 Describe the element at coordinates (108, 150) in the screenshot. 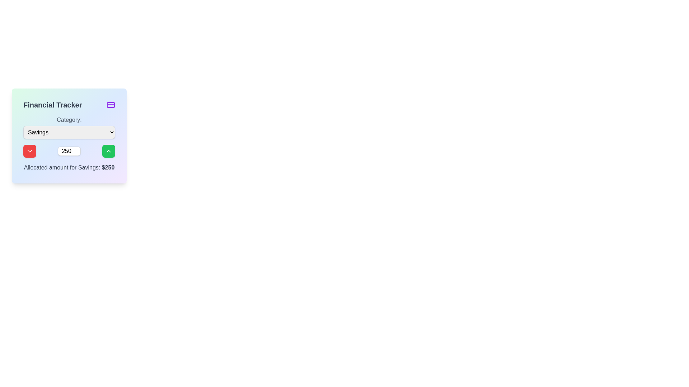

I see `the increment button located to the right of the input box displaying the number '250' to change its color` at that location.